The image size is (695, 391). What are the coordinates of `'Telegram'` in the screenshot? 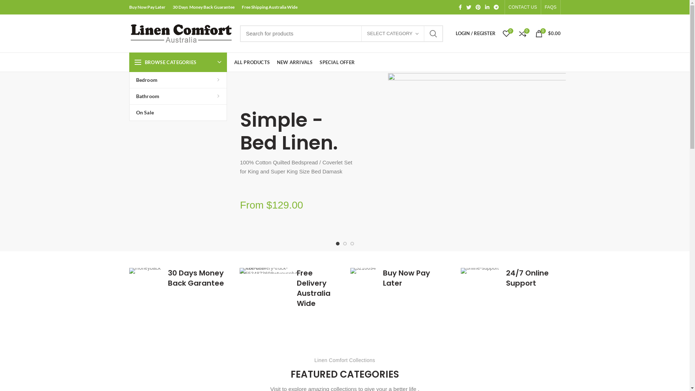 It's located at (496, 7).